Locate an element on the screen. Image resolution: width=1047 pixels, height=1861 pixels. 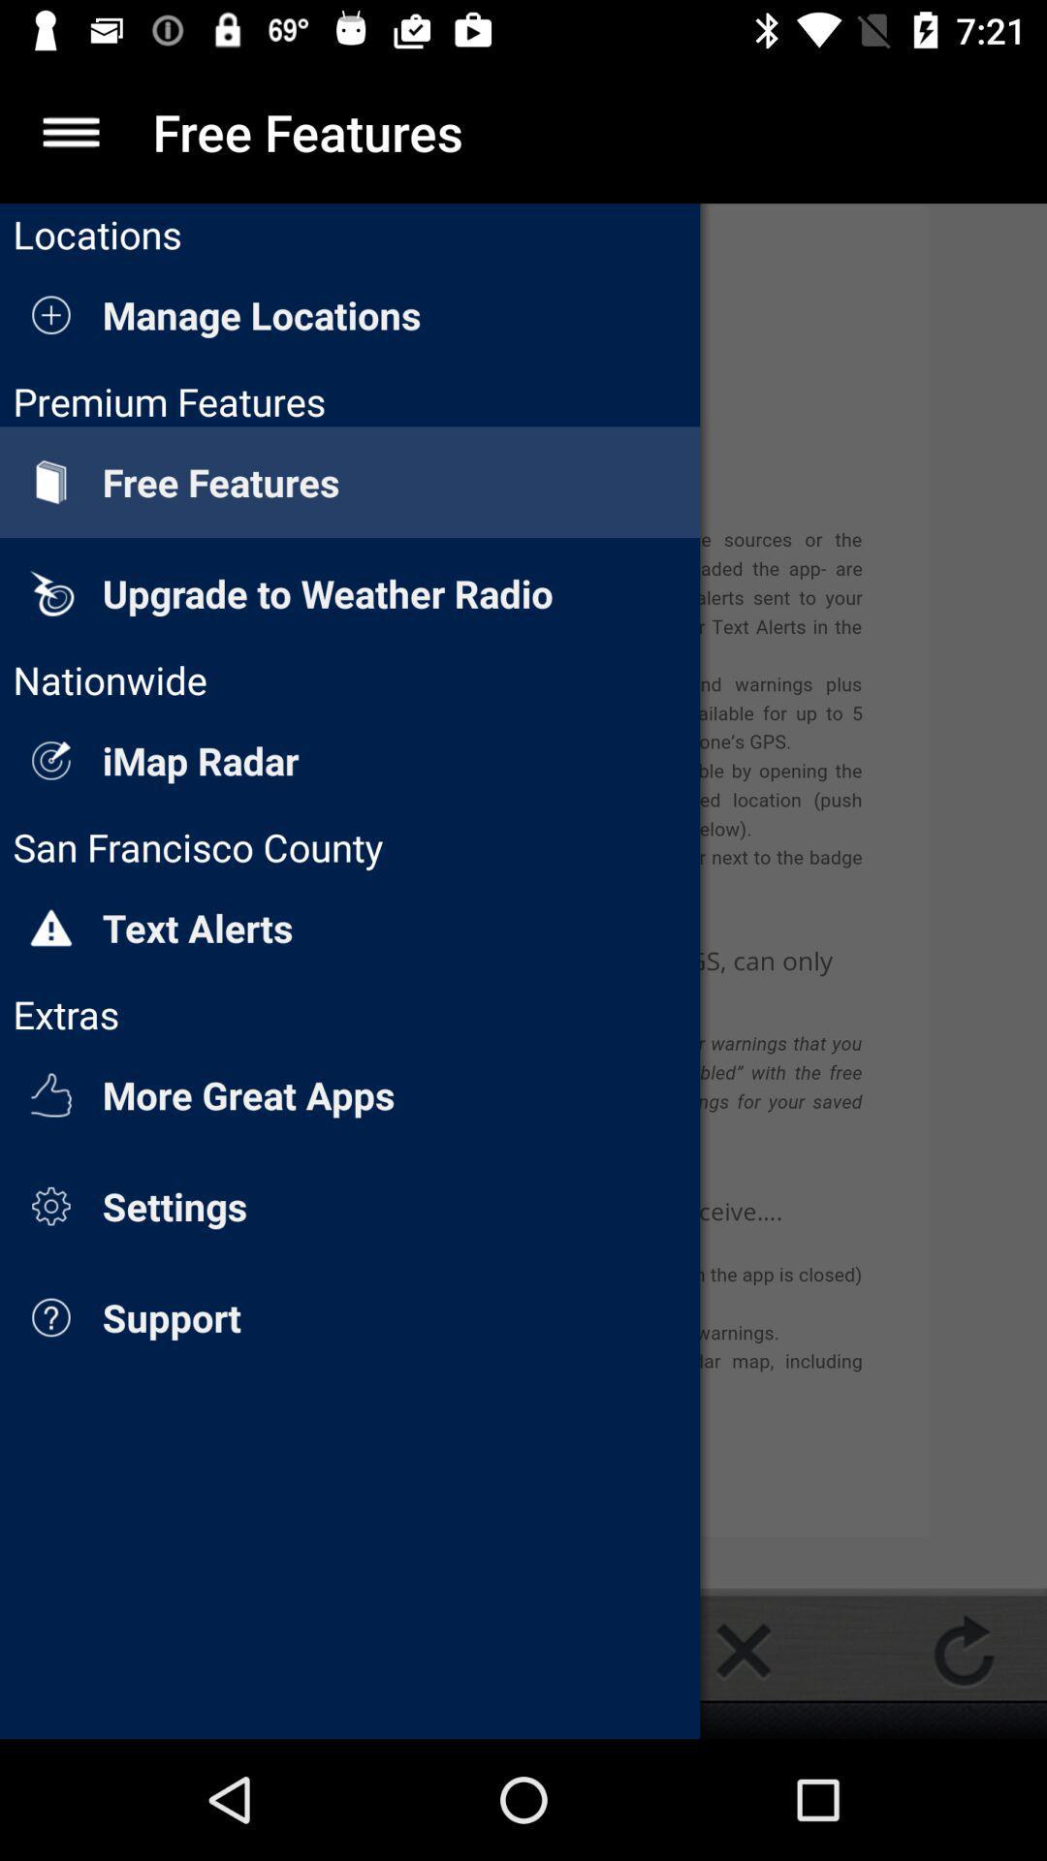
the menu icon is located at coordinates (70, 131).